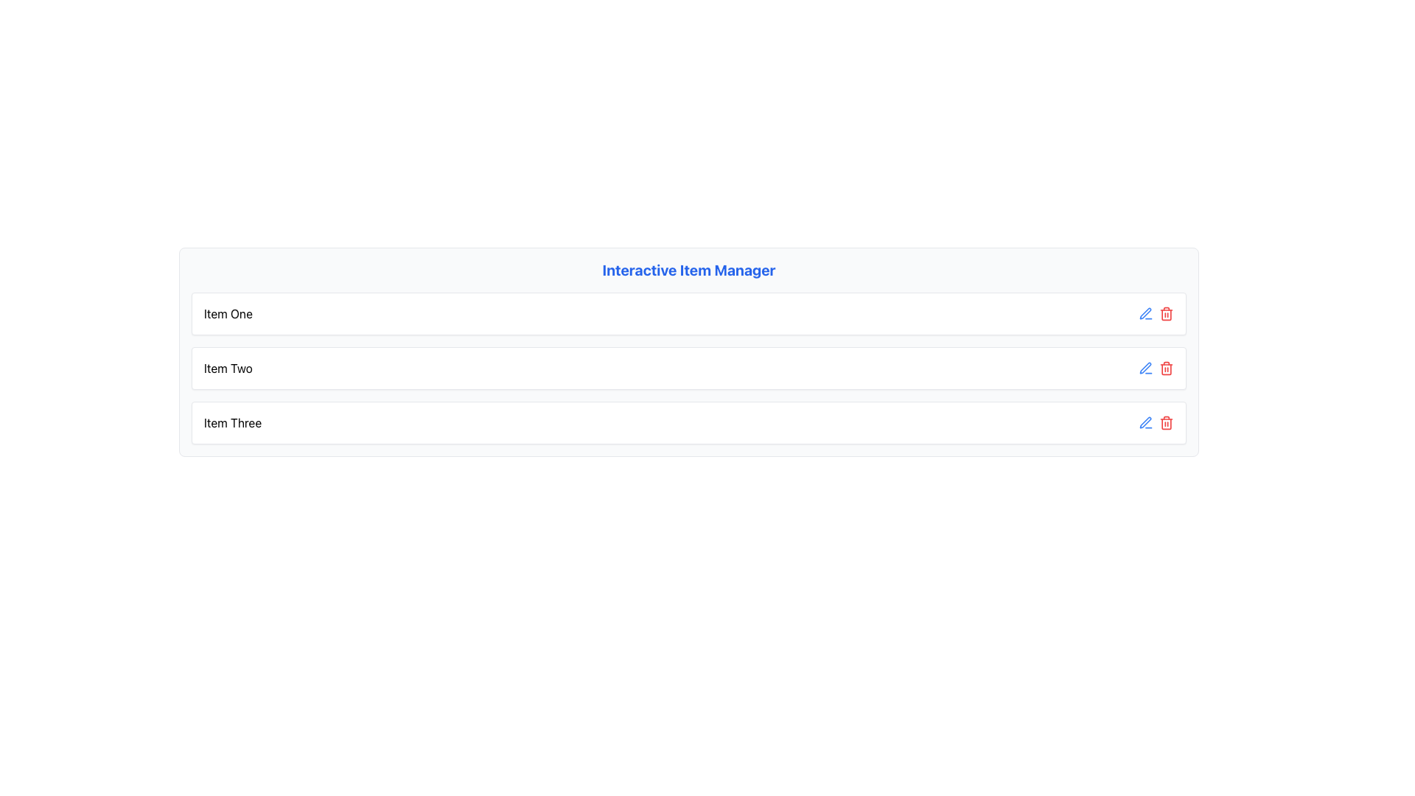 The image size is (1415, 796). Describe the element at coordinates (1166, 313) in the screenshot. I see `the delete button` at that location.